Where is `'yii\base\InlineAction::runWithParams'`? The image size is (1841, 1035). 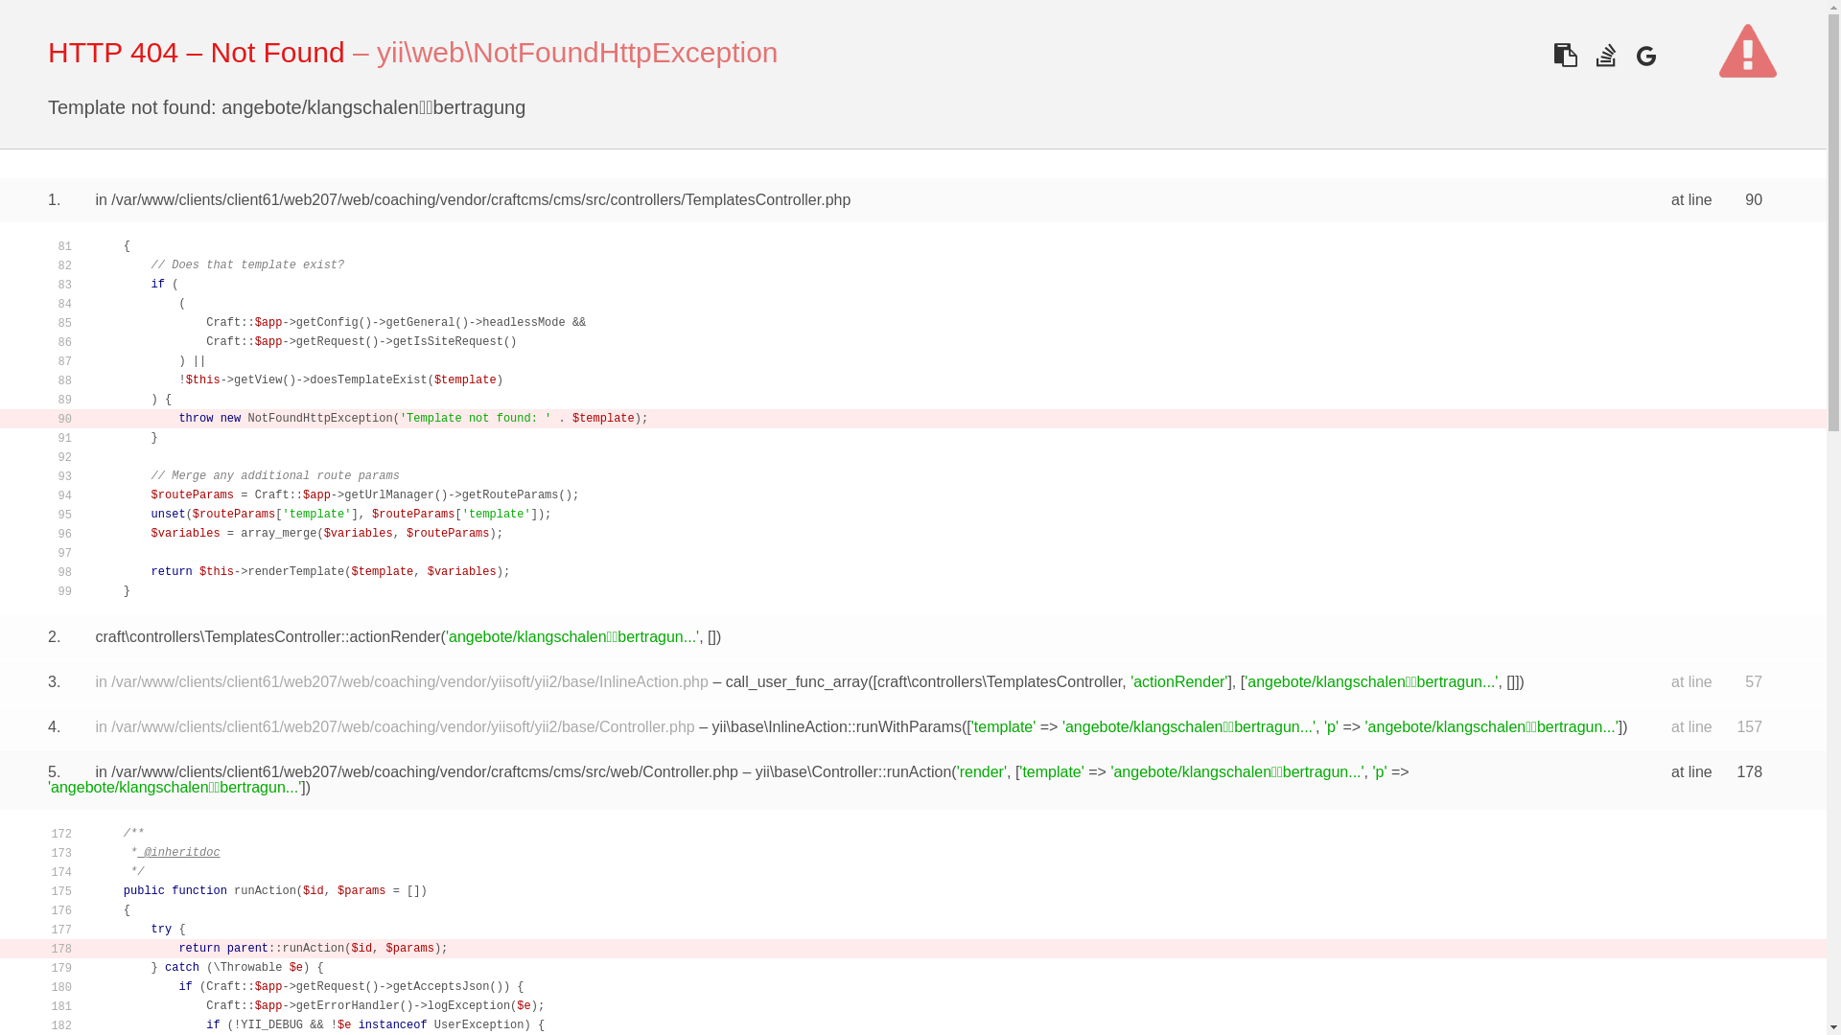 'yii\base\InlineAction::runWithParams' is located at coordinates (836, 726).